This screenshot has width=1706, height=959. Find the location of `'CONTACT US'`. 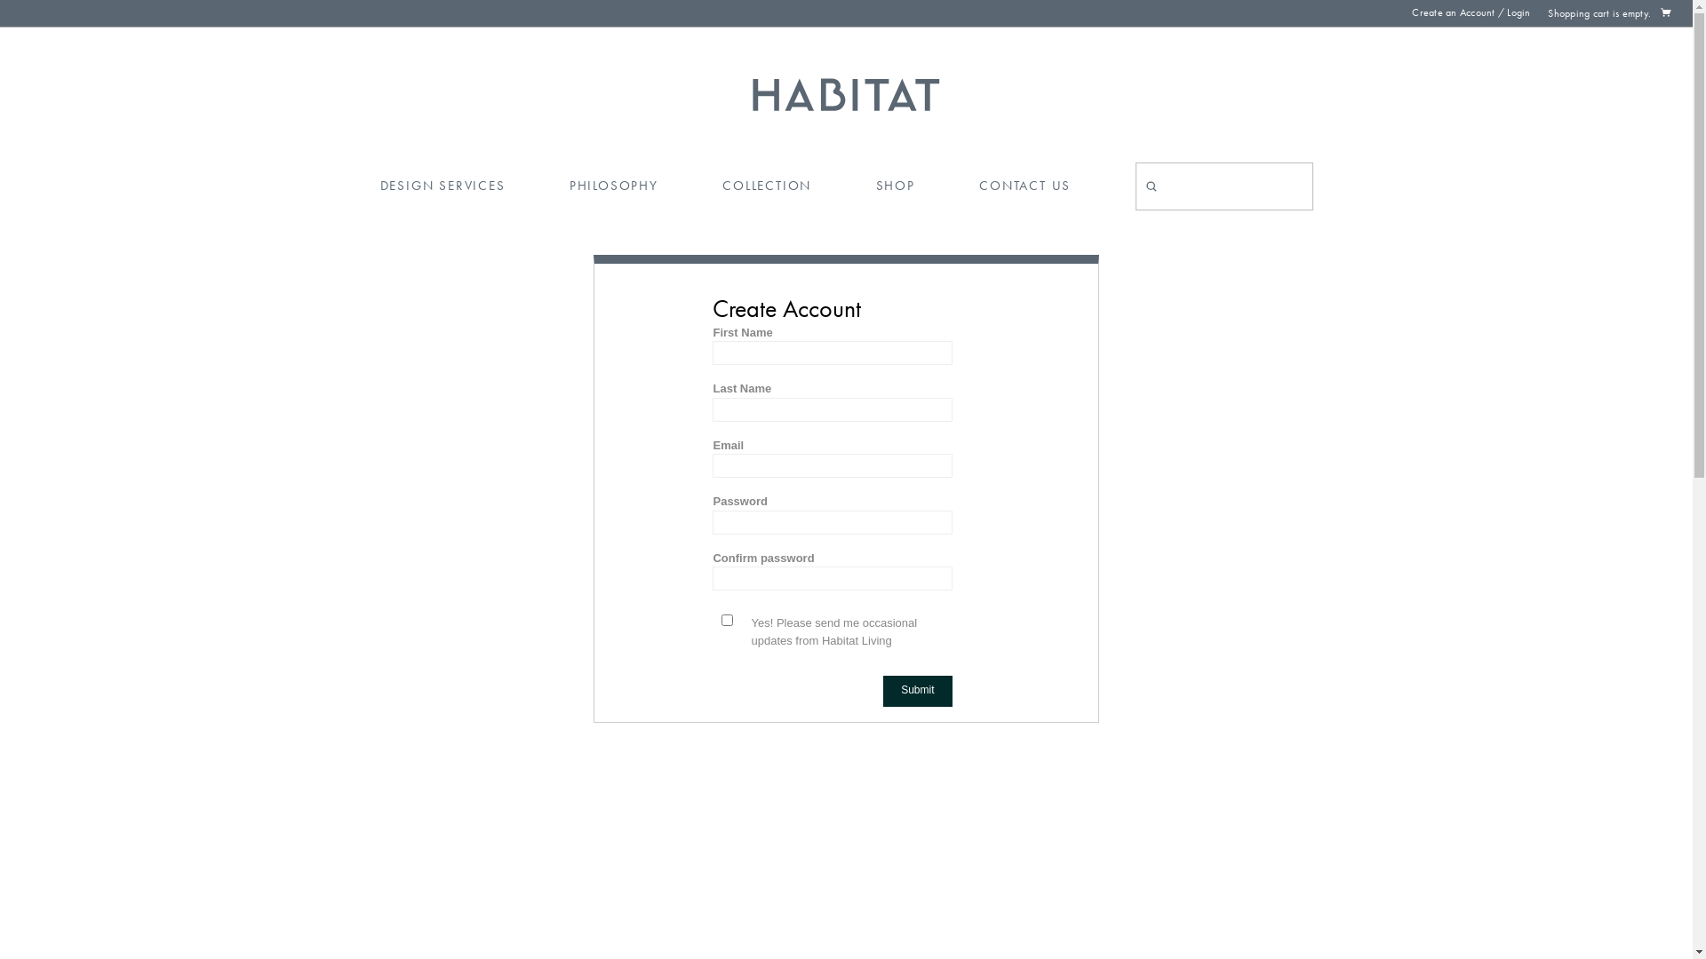

'CONTACT US' is located at coordinates (1024, 186).